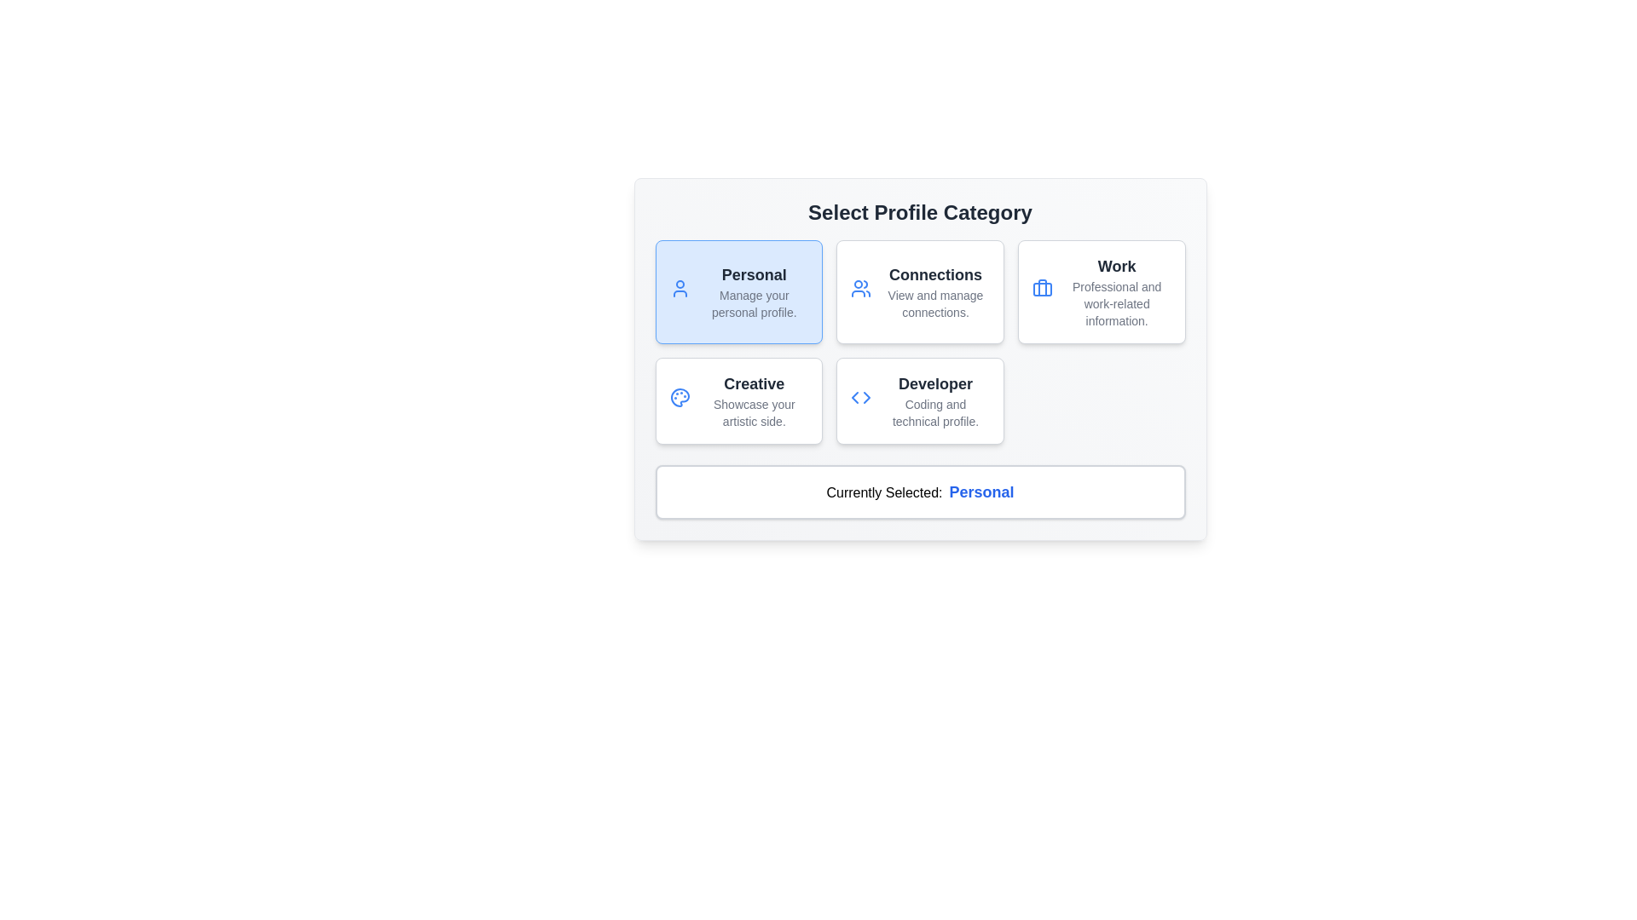 The image size is (1637, 920). What do you see at coordinates (753, 413) in the screenshot?
I see `the text label reading 'Showcase your artistic side.'` at bounding box center [753, 413].